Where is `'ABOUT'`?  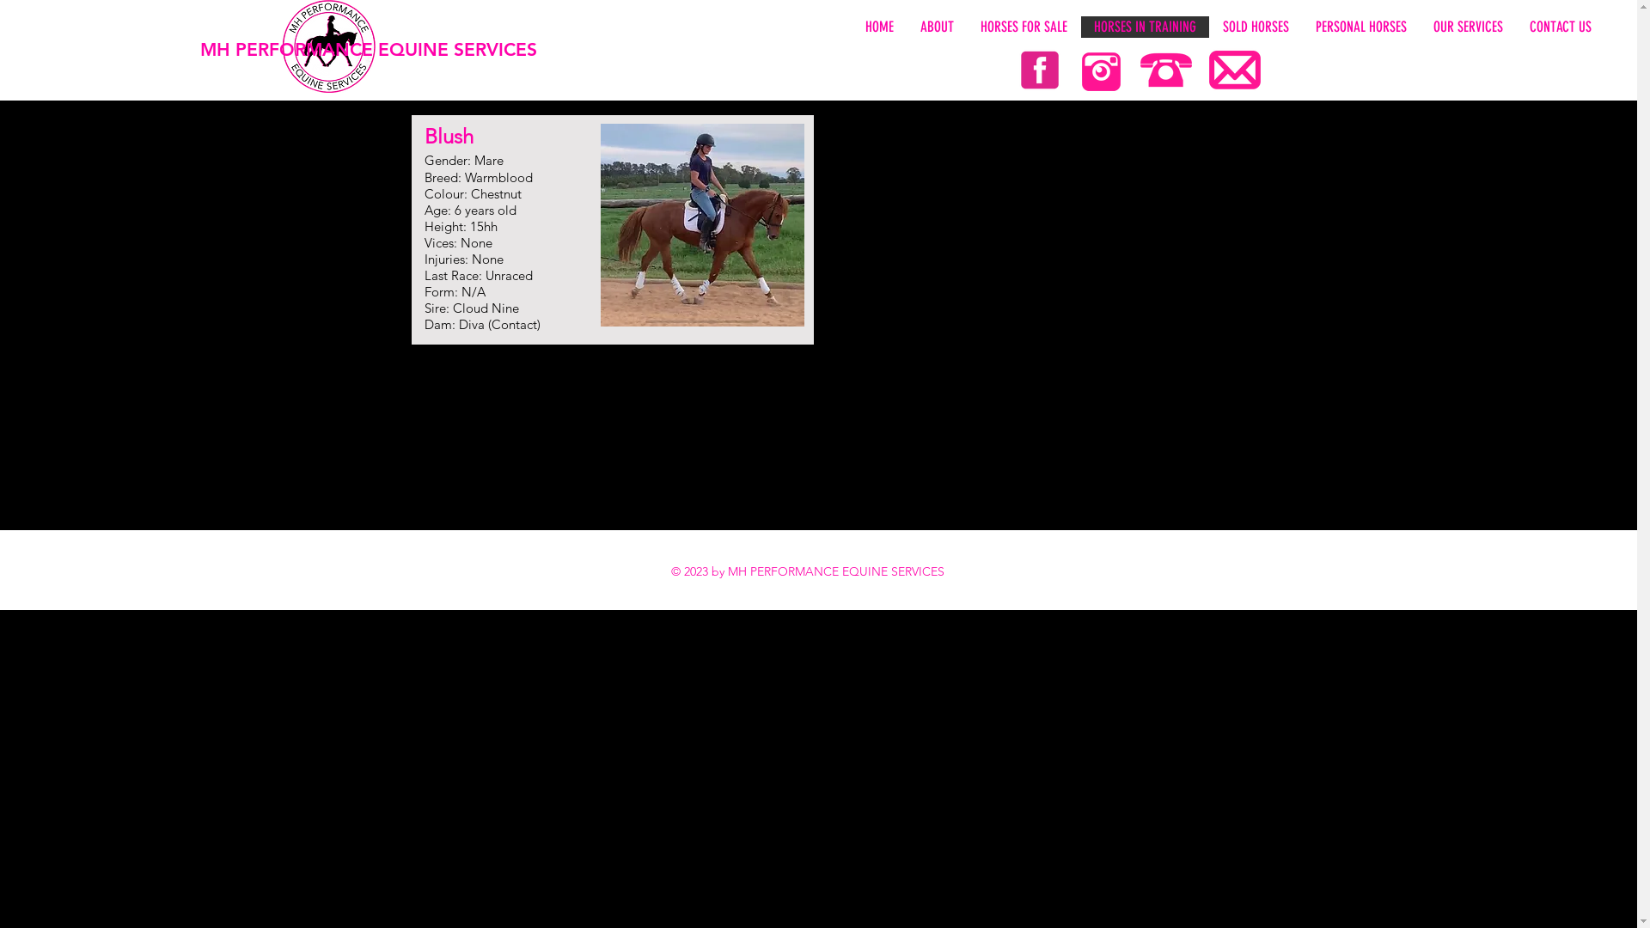
'ABOUT' is located at coordinates (935, 27).